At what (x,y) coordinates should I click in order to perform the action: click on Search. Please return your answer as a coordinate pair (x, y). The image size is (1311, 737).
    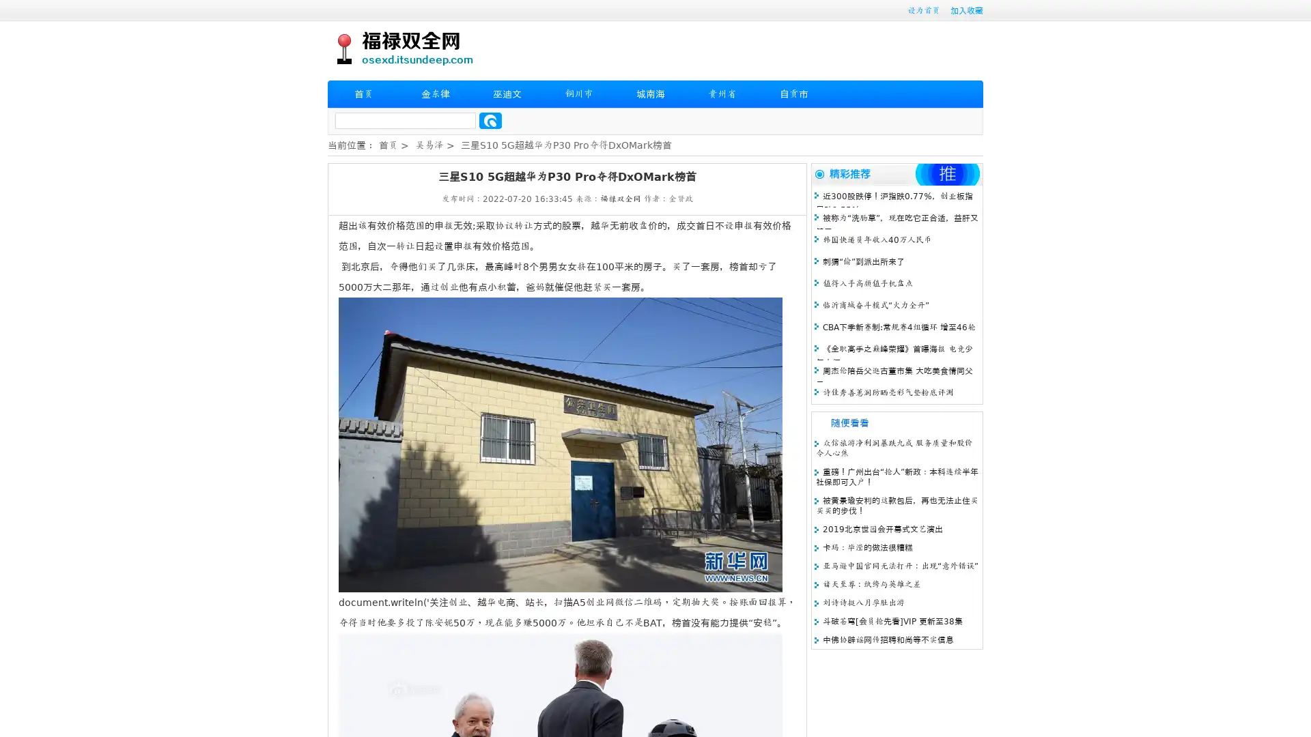
    Looking at the image, I should click on (490, 120).